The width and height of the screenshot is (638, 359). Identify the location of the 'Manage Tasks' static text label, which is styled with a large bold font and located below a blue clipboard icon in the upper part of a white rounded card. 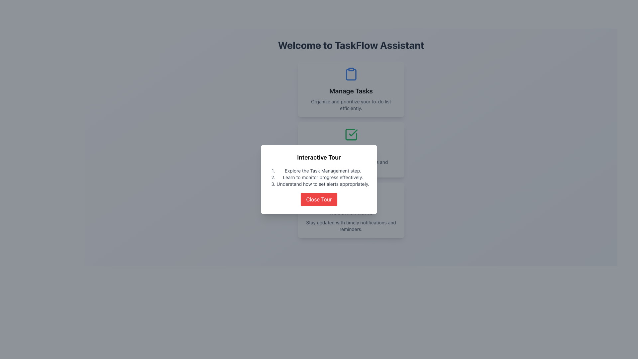
(351, 91).